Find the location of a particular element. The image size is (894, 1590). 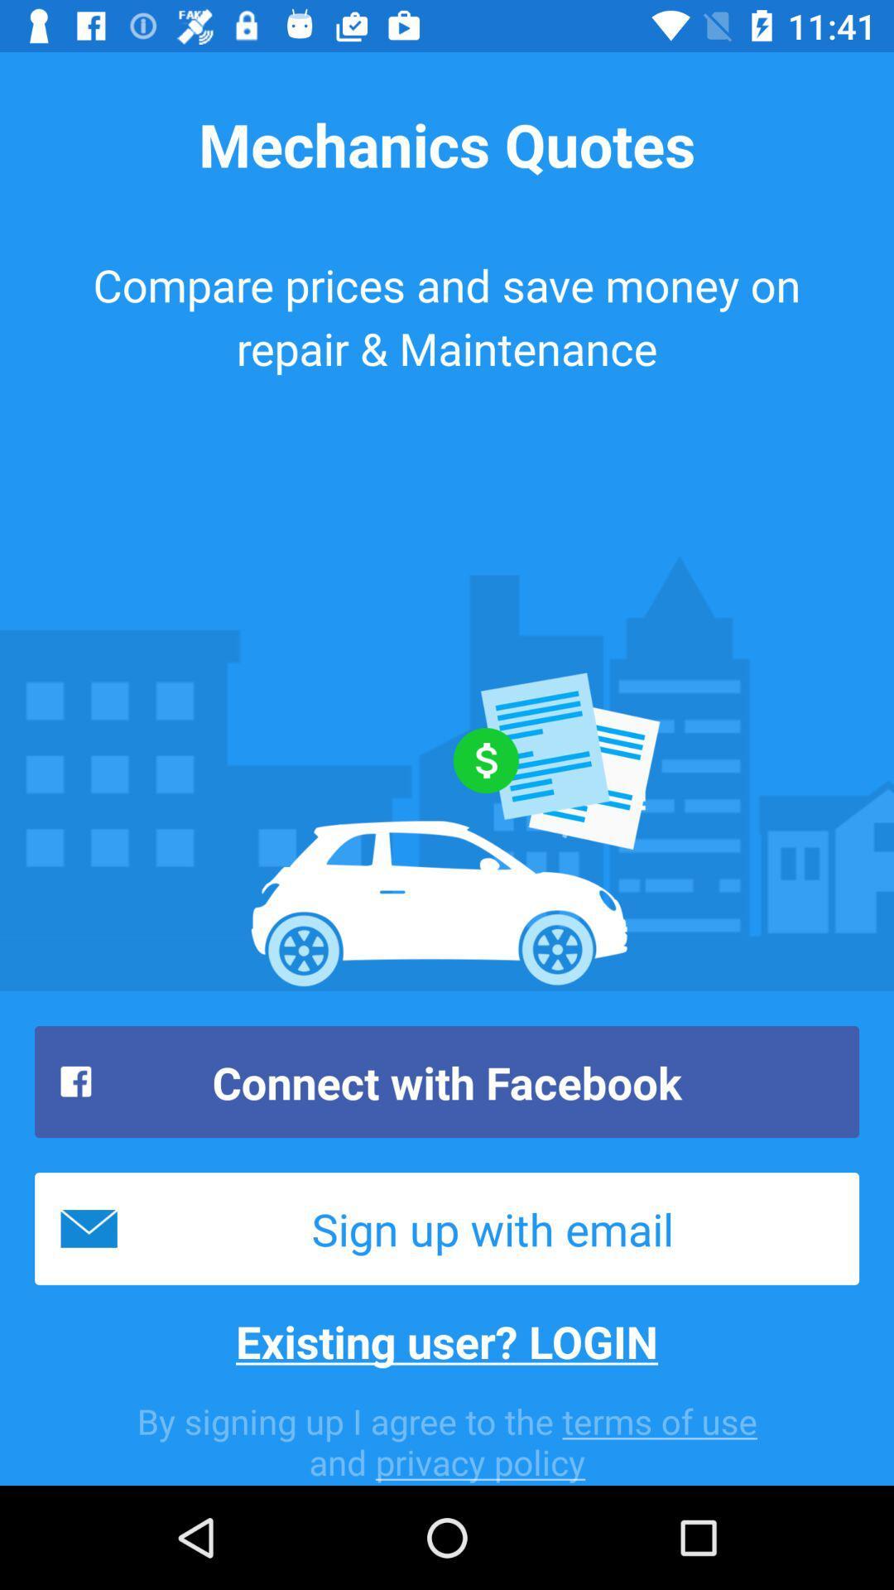

the icon below existing user? login is located at coordinates (447, 1440).